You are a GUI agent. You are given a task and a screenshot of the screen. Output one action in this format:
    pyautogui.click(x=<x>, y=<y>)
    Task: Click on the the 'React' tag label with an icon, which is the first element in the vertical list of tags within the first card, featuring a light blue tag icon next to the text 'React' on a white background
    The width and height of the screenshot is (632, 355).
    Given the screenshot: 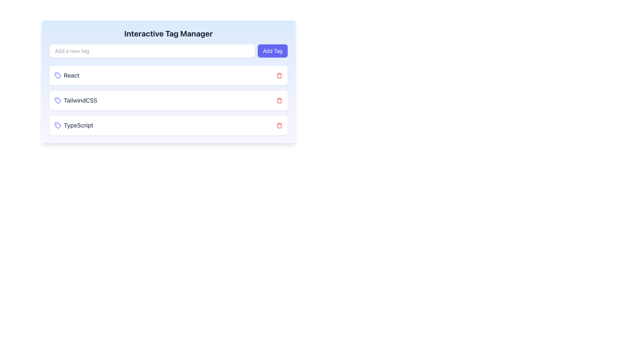 What is the action you would take?
    pyautogui.click(x=67, y=75)
    